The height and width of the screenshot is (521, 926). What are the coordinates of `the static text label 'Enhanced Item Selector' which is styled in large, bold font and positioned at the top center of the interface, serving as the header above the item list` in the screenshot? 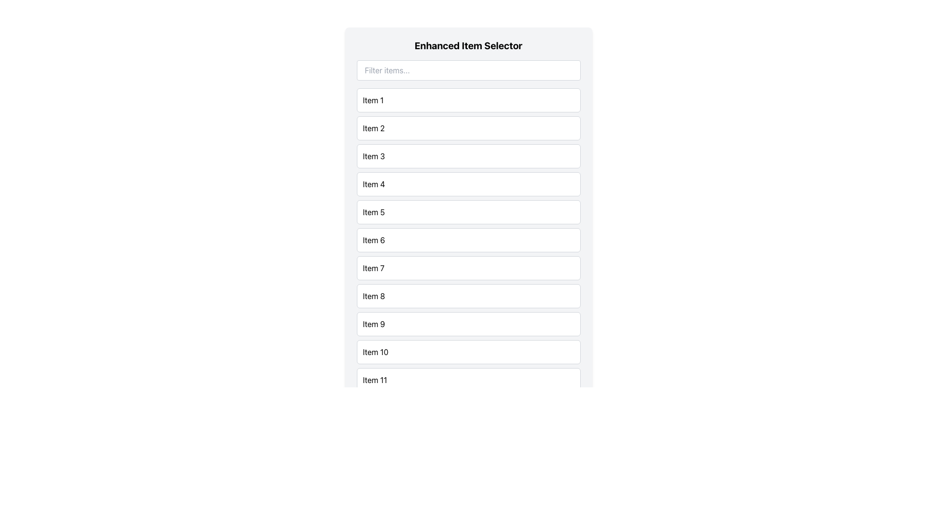 It's located at (468, 46).